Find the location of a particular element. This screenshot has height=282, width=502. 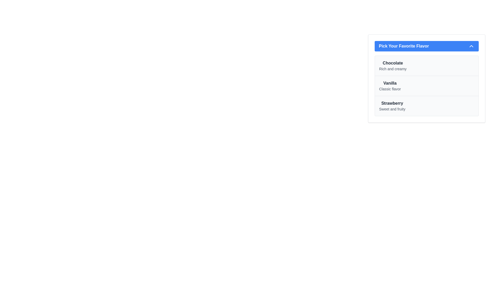

the label that serves as the title for the dropdown menu is located at coordinates (403, 46).